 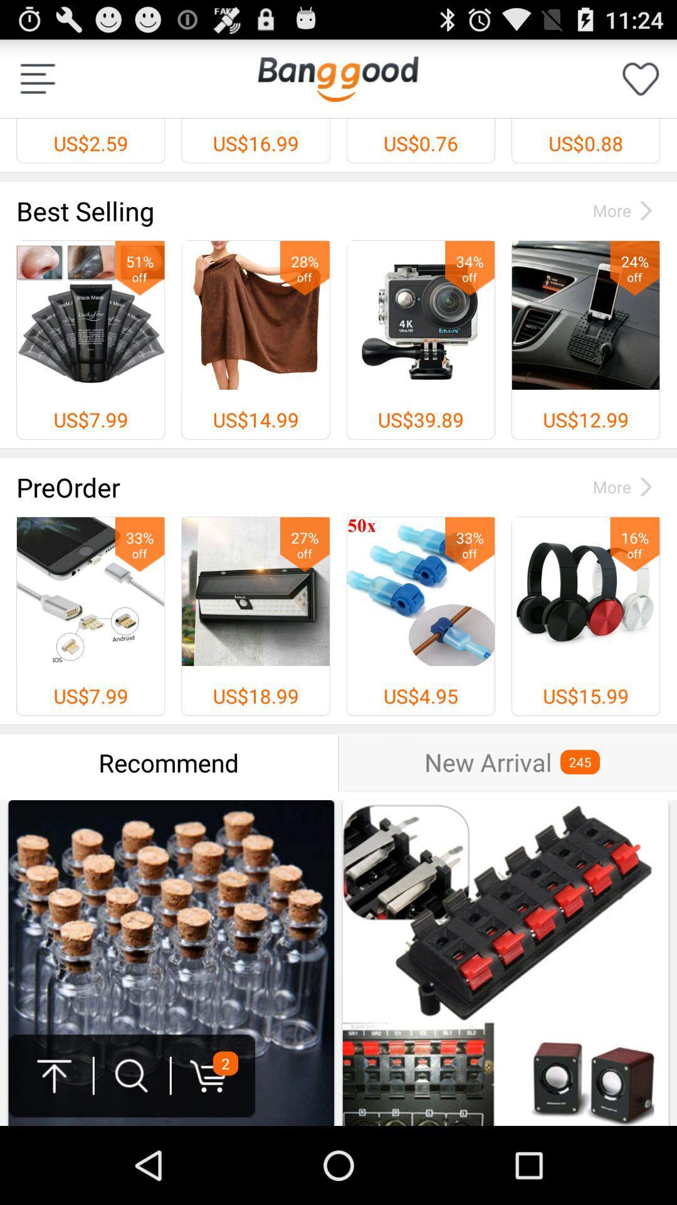 What do you see at coordinates (337, 78) in the screenshot?
I see `the item next to us$0.88 icon` at bounding box center [337, 78].